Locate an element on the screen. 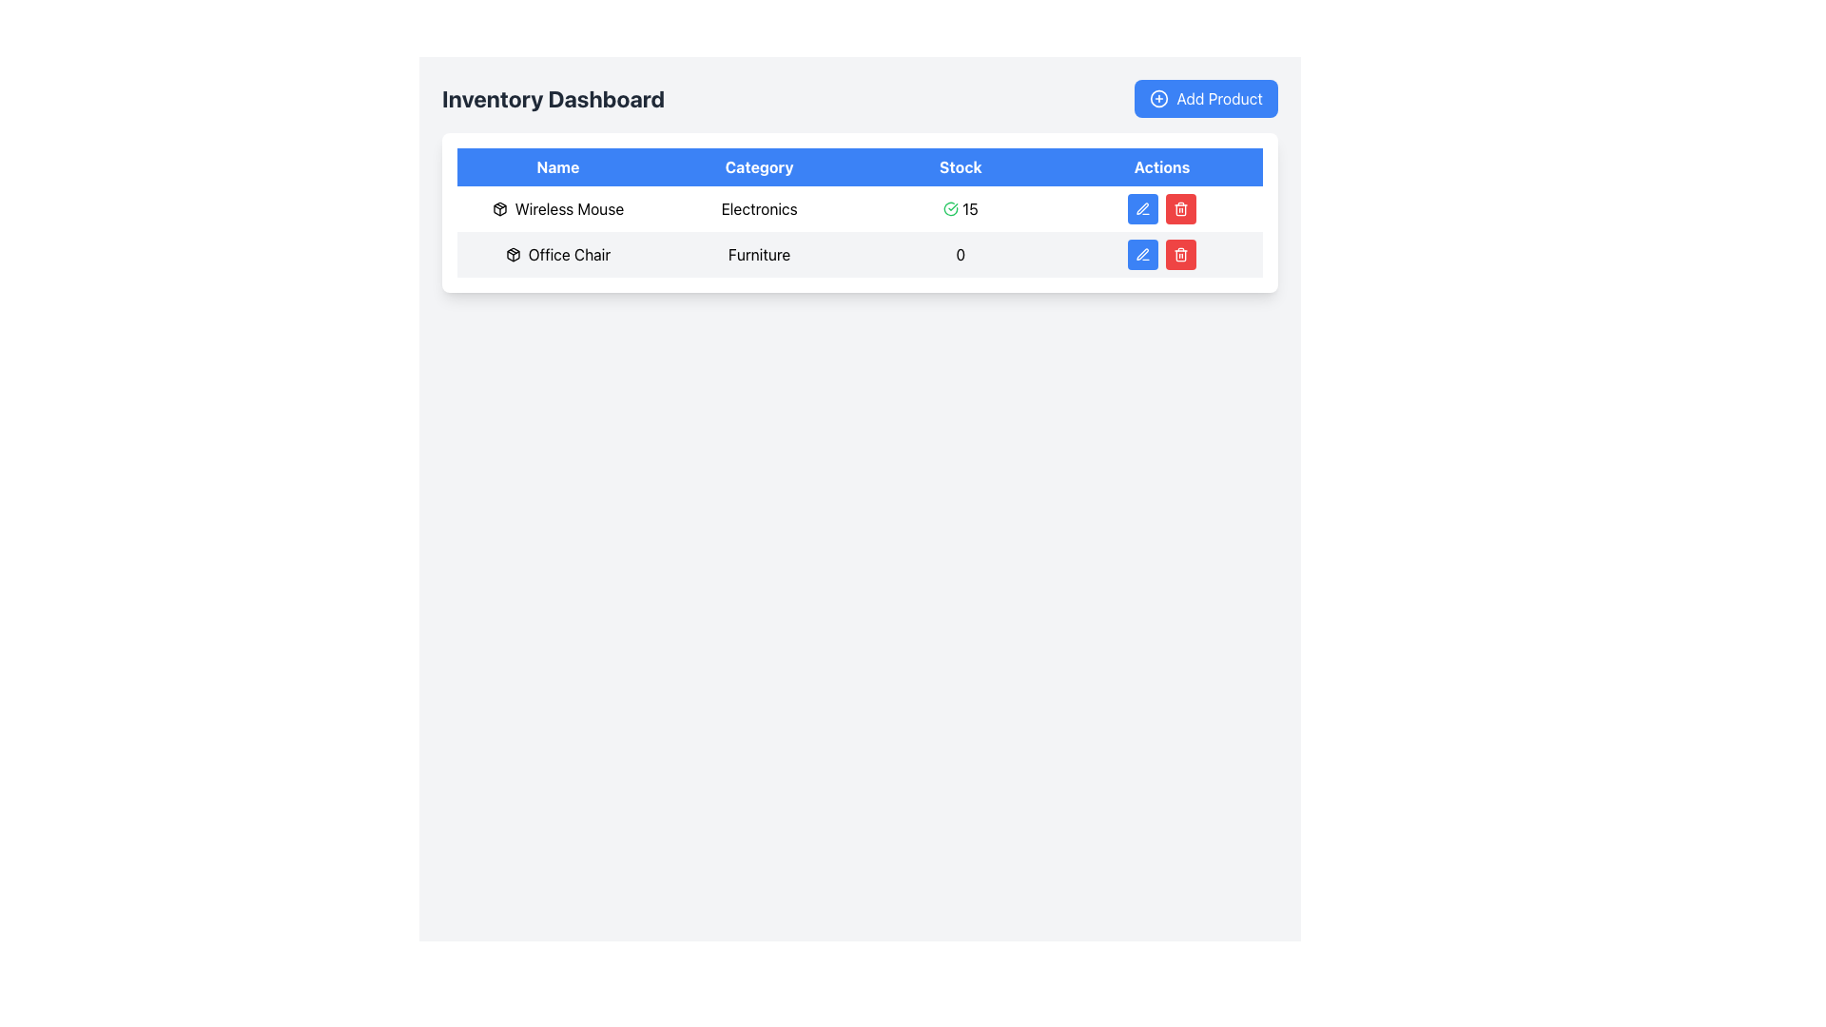 This screenshot has width=1826, height=1027. Table Header labeled under the 'Stock' category, located in the third slot of the header row, between 'Category' and 'Actions' headers is located at coordinates (961, 166).